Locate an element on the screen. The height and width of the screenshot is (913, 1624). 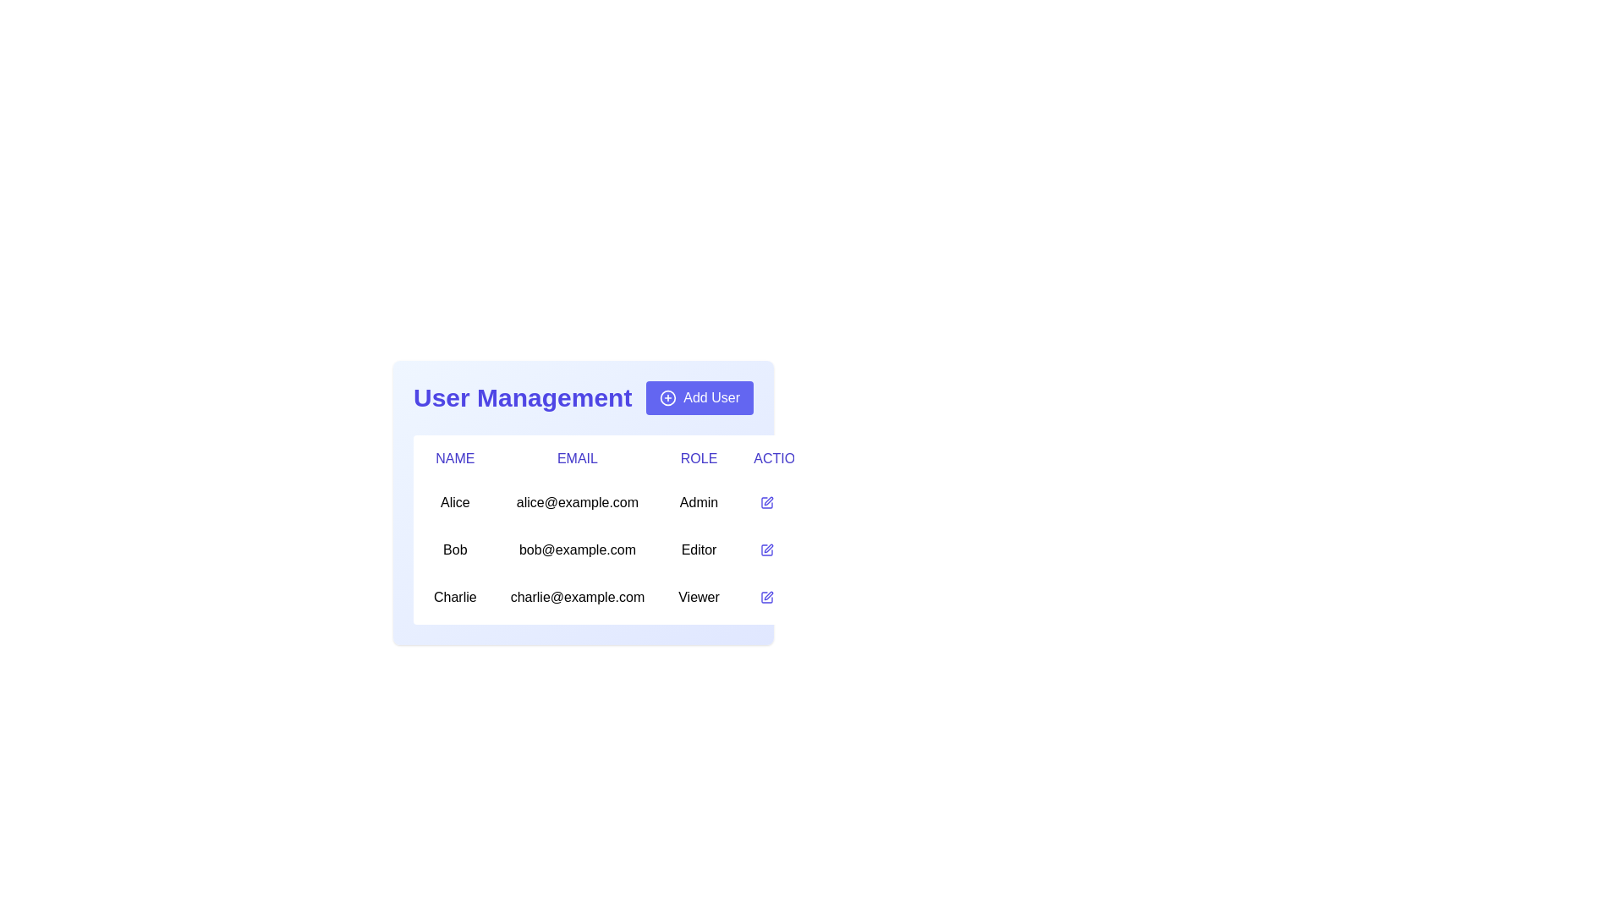
the 'Viewer' label located in the third row of the table under the 'ROLE' column, adjacent to 'charlie@example.com' is located at coordinates (699, 596).